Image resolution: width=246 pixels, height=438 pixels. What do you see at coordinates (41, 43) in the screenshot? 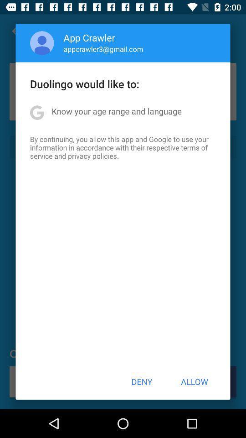
I see `icon above duolingo would like item` at bounding box center [41, 43].